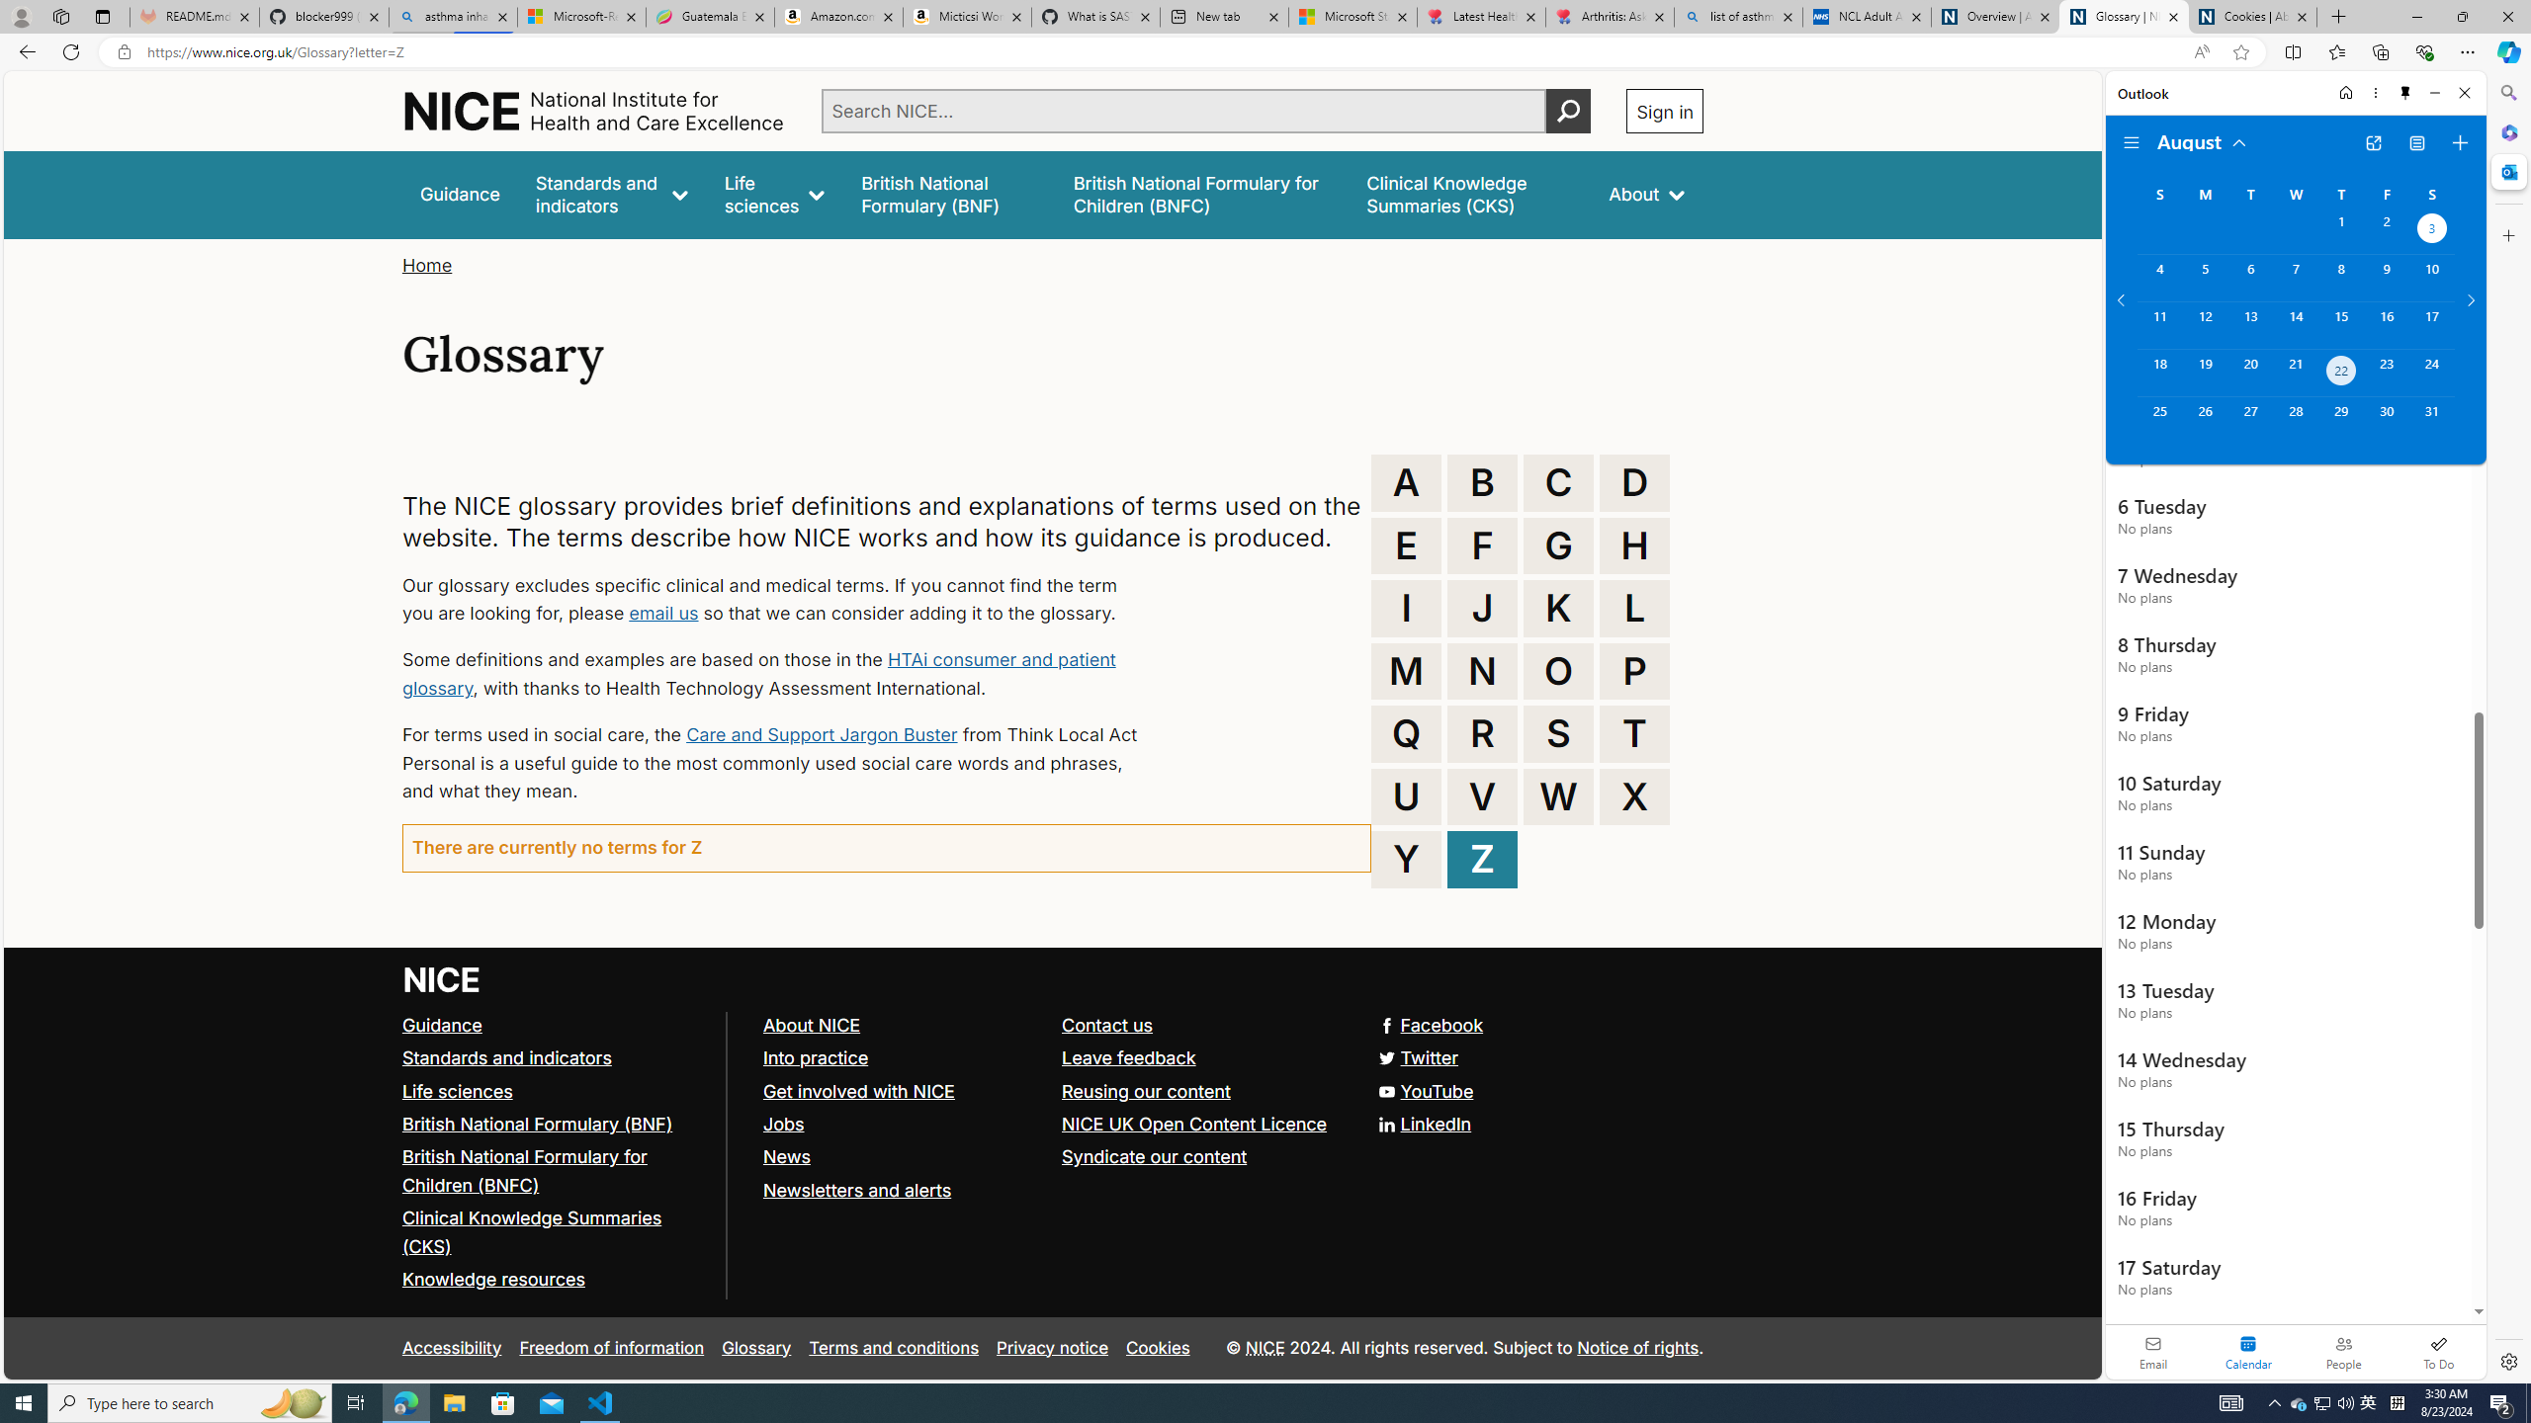 This screenshot has width=2531, height=1423. I want to click on 'Accessibility', so click(451, 1347).